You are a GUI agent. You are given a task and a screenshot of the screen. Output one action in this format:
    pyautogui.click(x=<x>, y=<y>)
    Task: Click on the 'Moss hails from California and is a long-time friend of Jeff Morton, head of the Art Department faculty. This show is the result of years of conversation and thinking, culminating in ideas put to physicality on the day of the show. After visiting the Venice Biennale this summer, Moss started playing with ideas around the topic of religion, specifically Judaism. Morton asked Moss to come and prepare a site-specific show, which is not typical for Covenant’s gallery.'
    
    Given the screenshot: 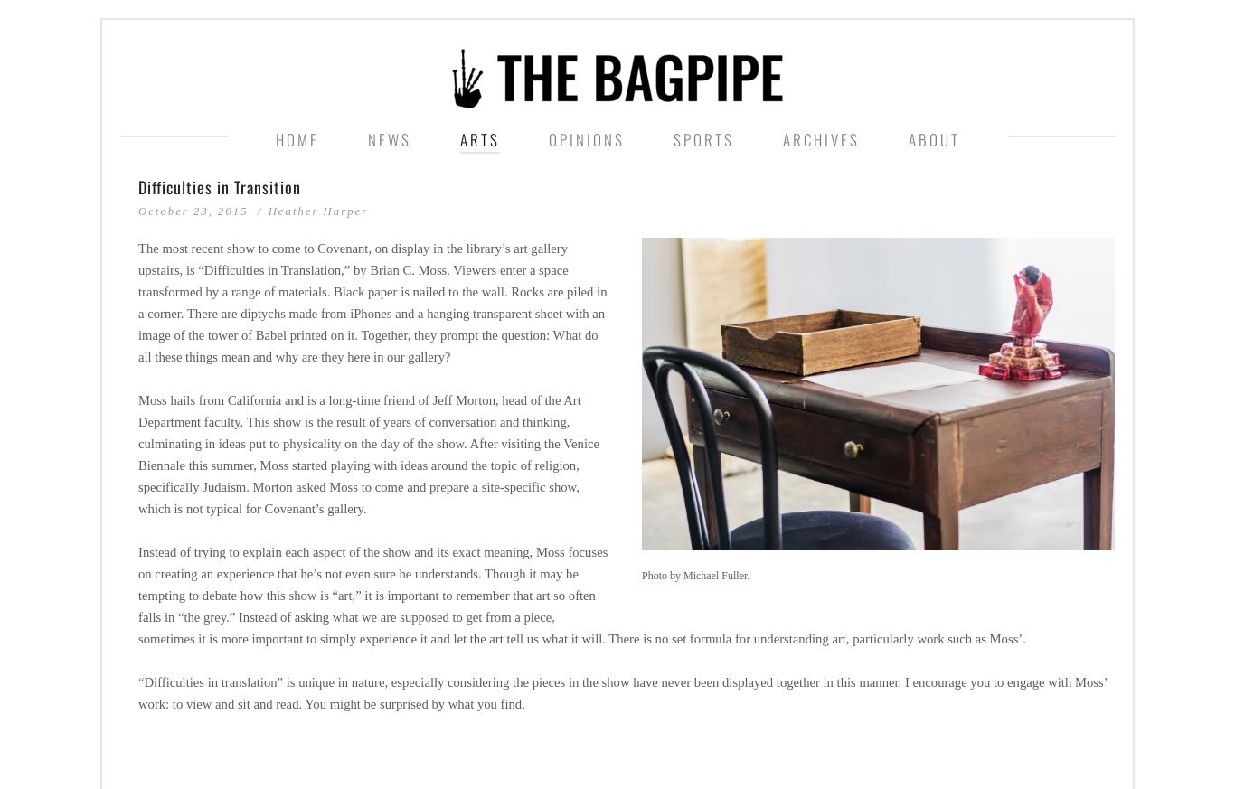 What is the action you would take?
    pyautogui.click(x=368, y=453)
    